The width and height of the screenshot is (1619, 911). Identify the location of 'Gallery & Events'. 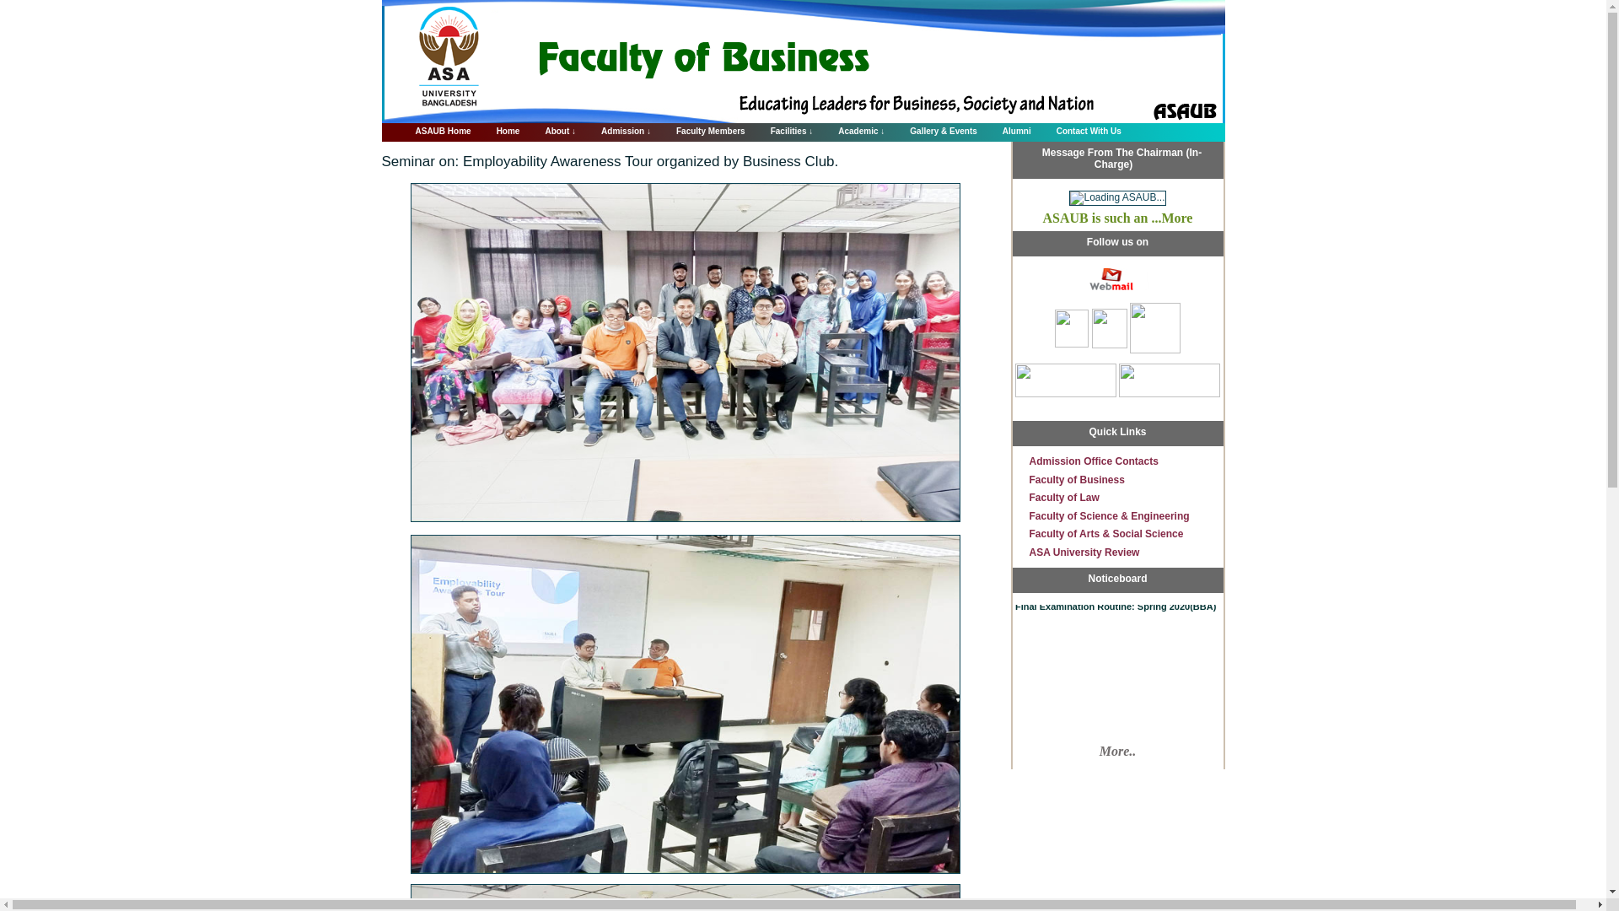
(933, 128).